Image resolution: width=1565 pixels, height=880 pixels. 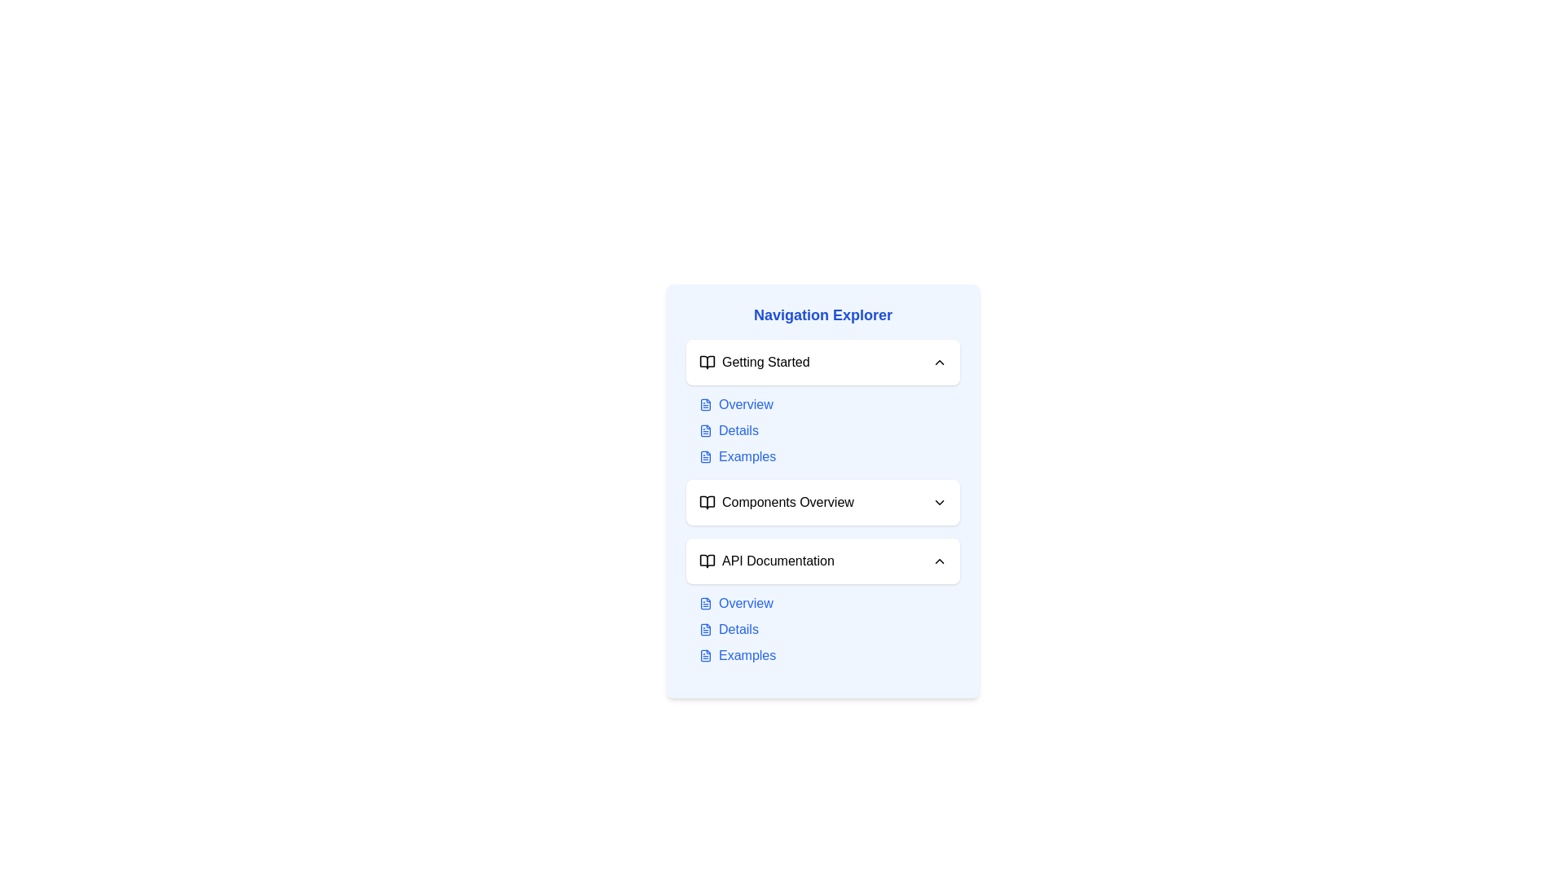 I want to click on the small vector graphic icon resembling a file document, located in the 'Examples' section of the navigation sidebar, so click(x=705, y=456).